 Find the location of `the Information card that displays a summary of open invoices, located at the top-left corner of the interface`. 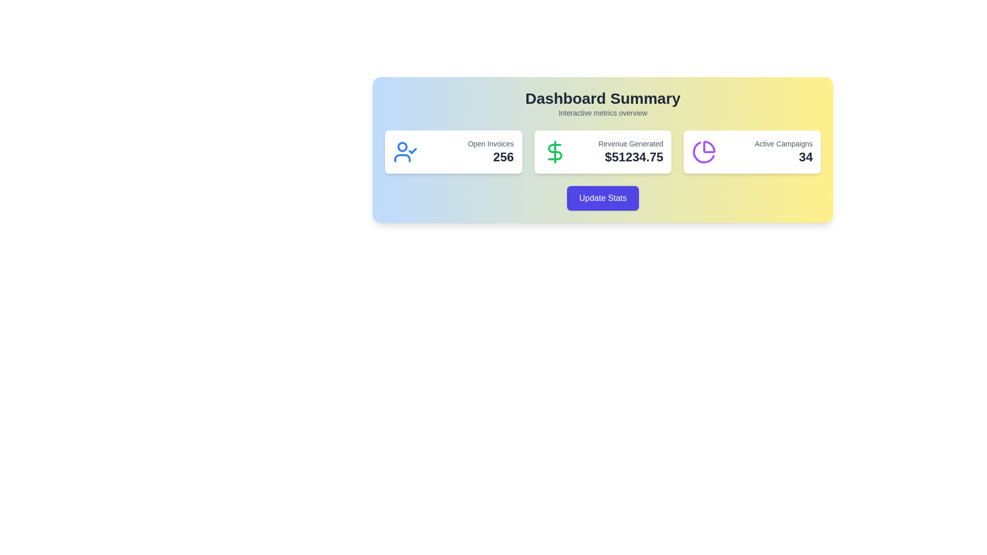

the Information card that displays a summary of open invoices, located at the top-left corner of the interface is located at coordinates (453, 152).